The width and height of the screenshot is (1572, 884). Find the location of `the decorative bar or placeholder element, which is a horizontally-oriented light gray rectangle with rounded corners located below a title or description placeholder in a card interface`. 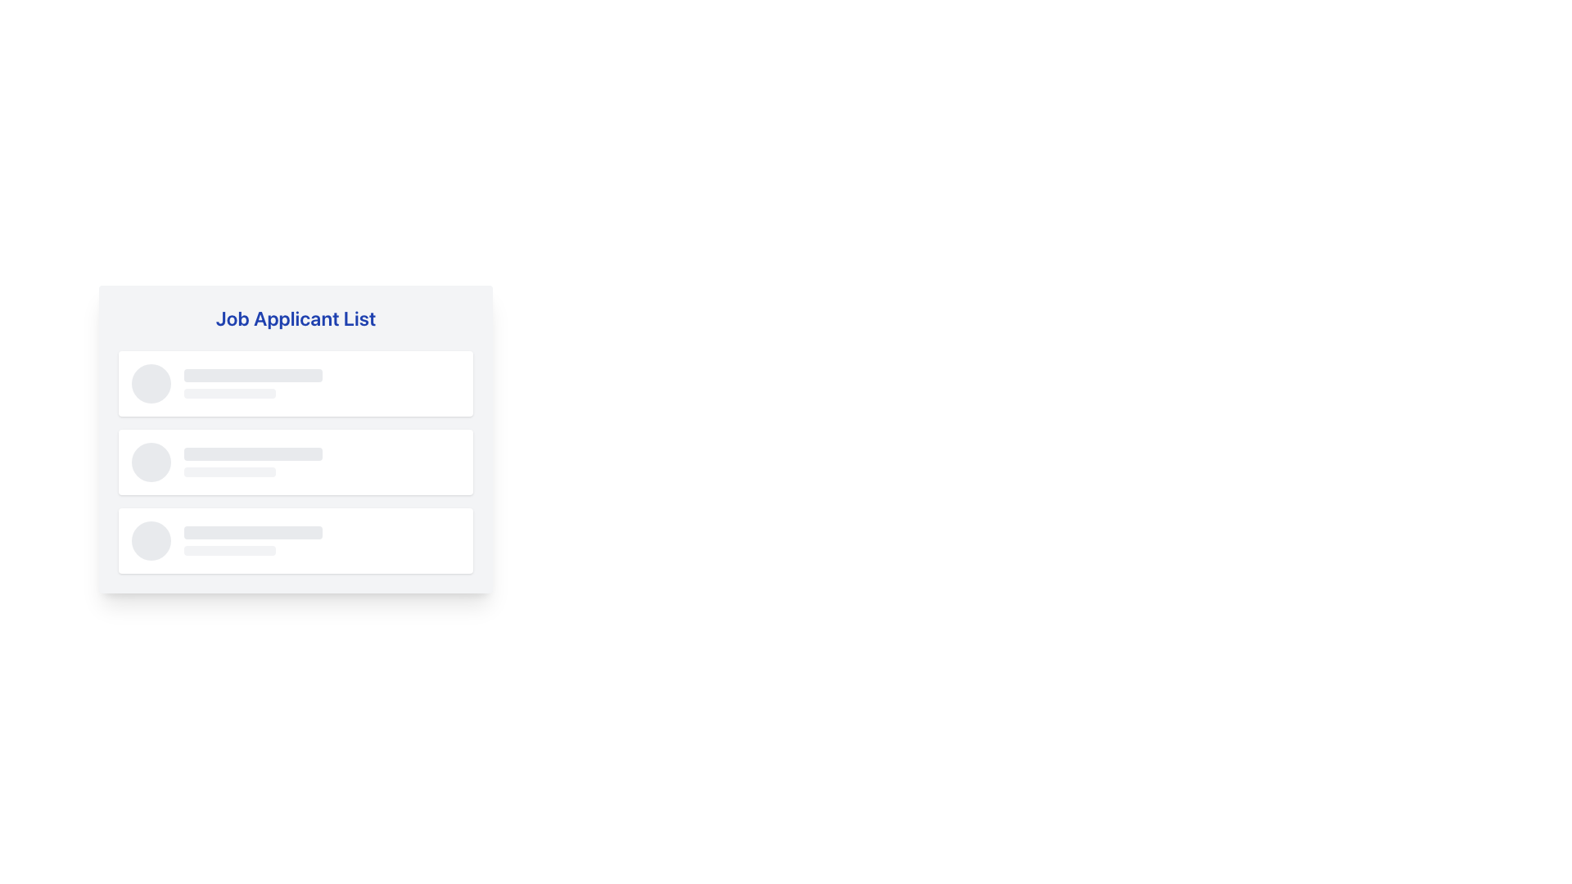

the decorative bar or placeholder element, which is a horizontally-oriented light gray rectangle with rounded corners located below a title or description placeholder in a card interface is located at coordinates (229, 472).